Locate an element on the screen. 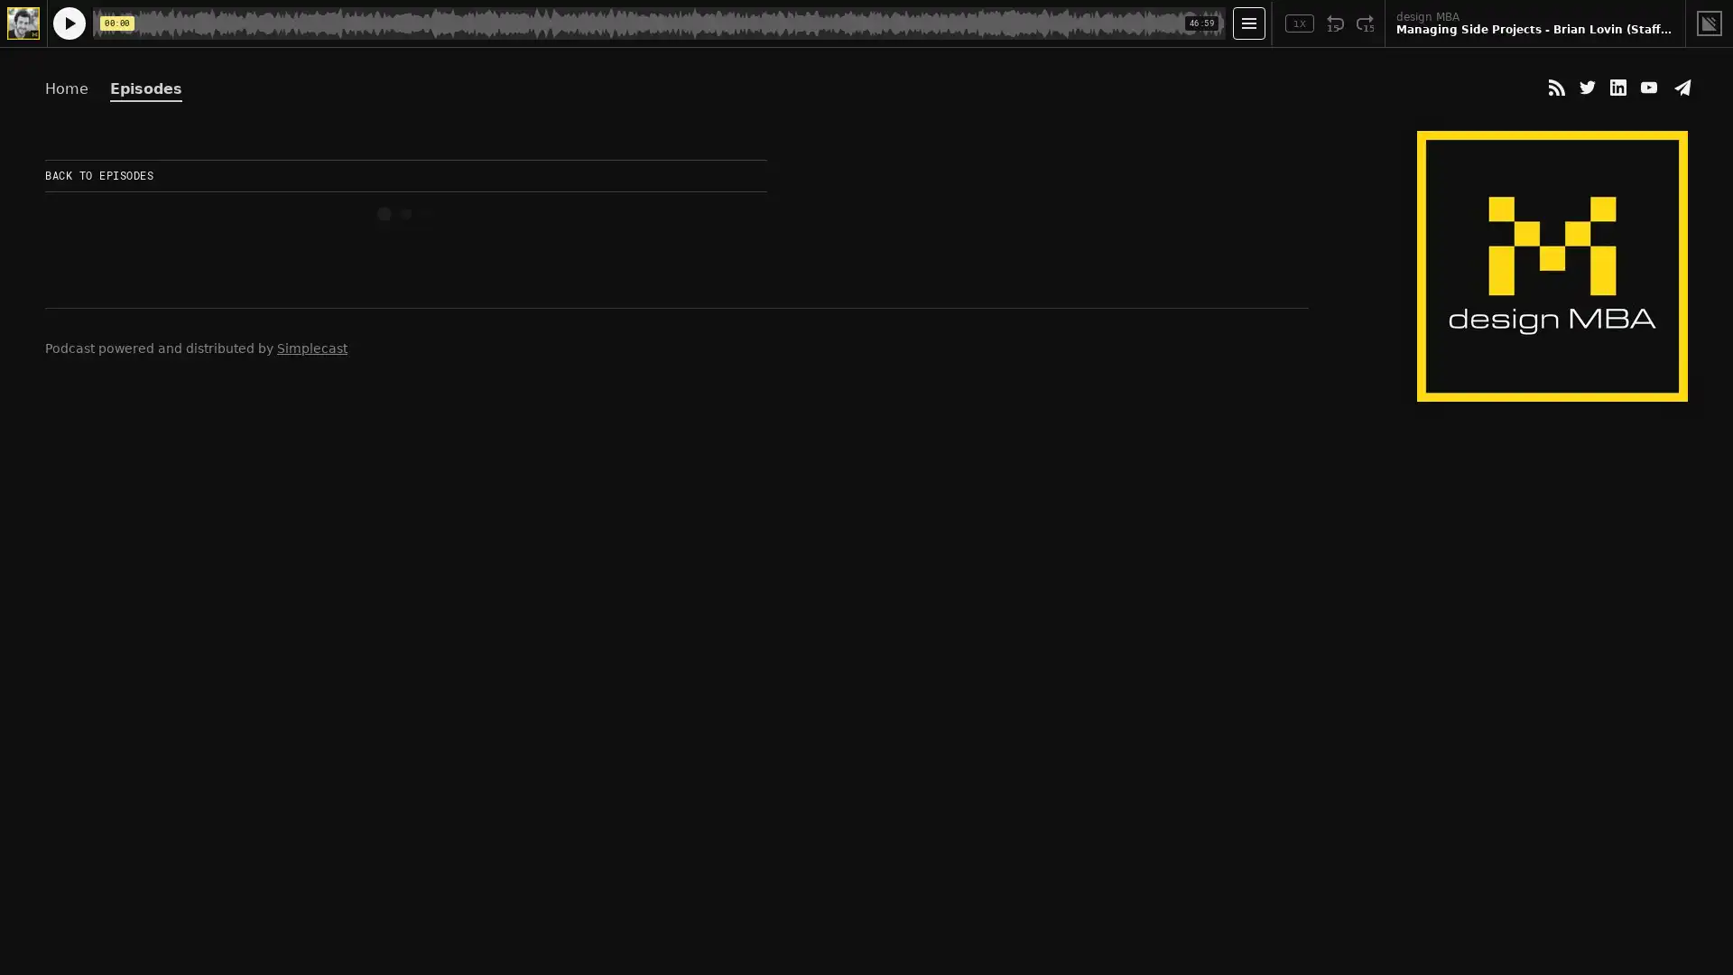 The image size is (1733, 975). Play is located at coordinates (229, 242).